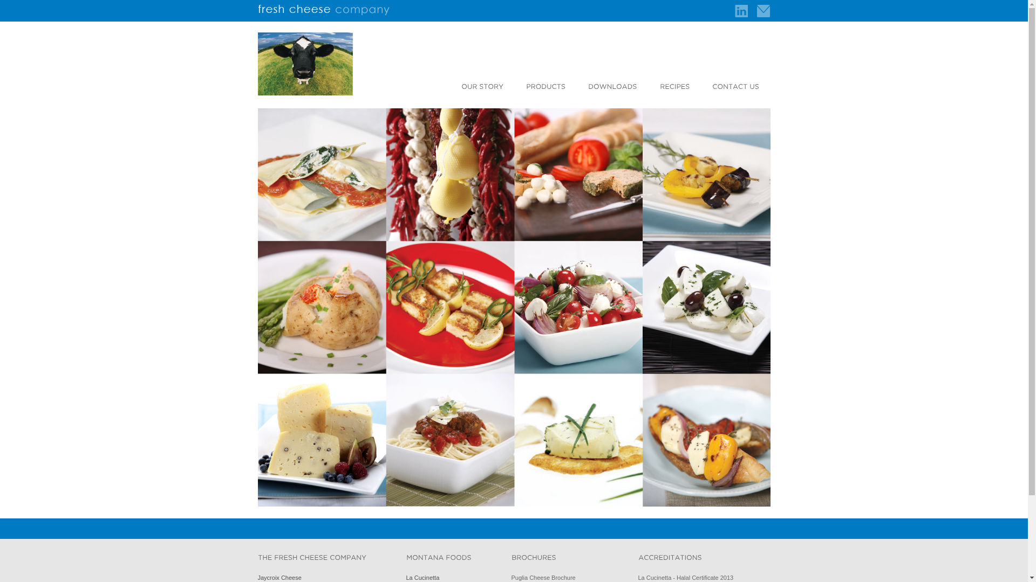 The image size is (1036, 582). What do you see at coordinates (405, 577) in the screenshot?
I see `'La Cucinetta'` at bounding box center [405, 577].